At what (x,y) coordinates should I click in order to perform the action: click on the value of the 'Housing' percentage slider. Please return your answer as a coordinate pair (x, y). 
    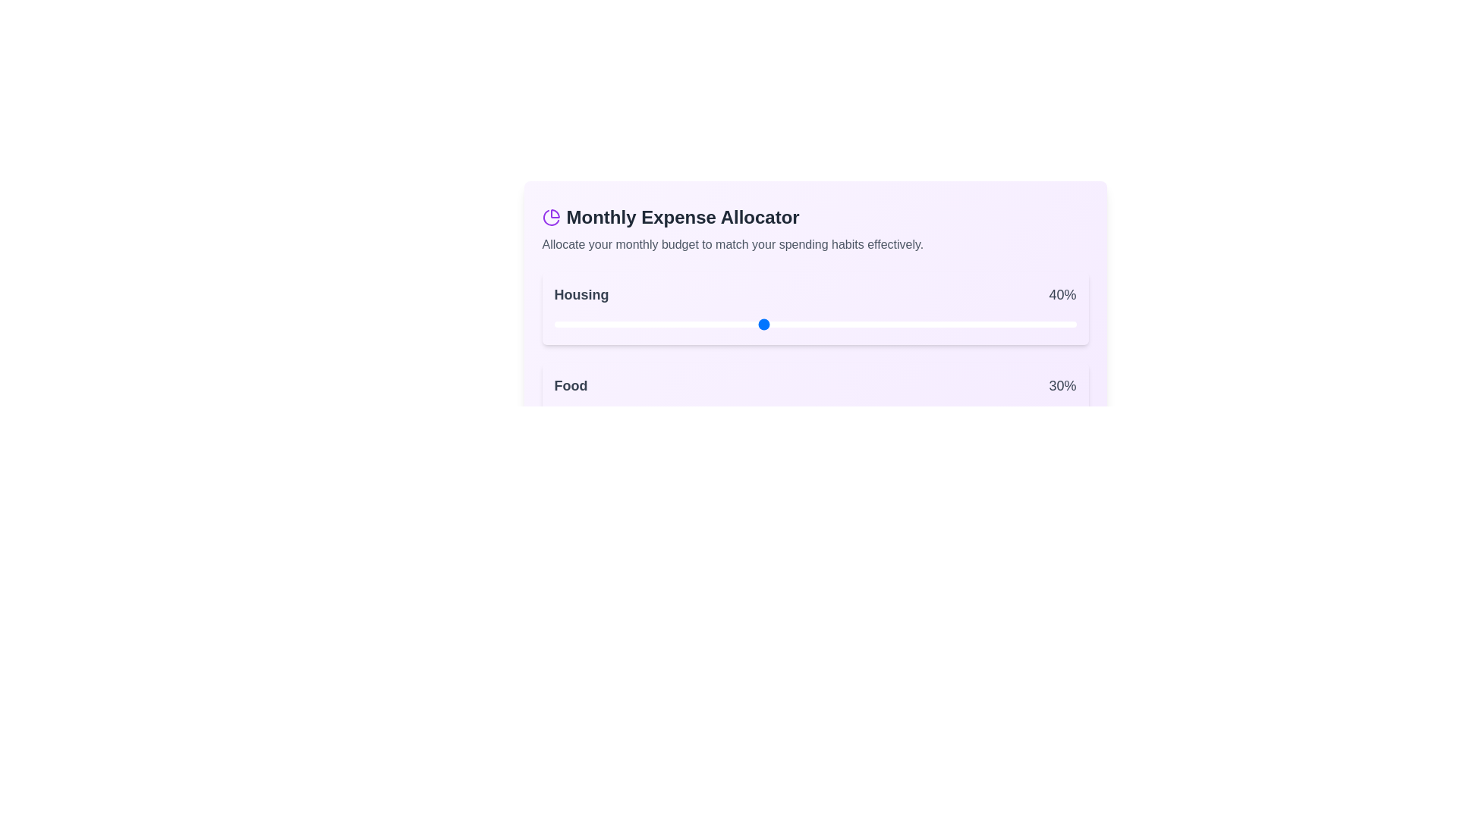
    Looking at the image, I should click on (934, 324).